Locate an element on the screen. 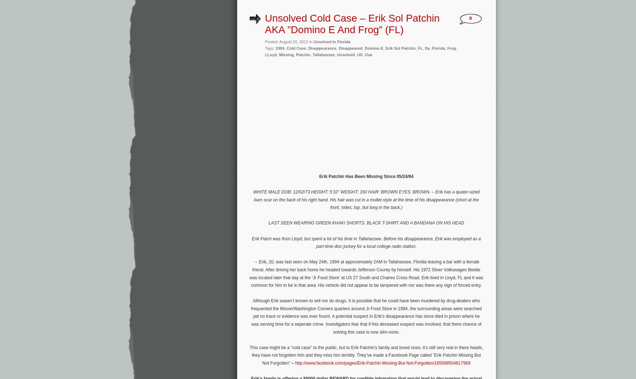 The width and height of the screenshot is (636, 379). 'Disappearance' is located at coordinates (307, 48).